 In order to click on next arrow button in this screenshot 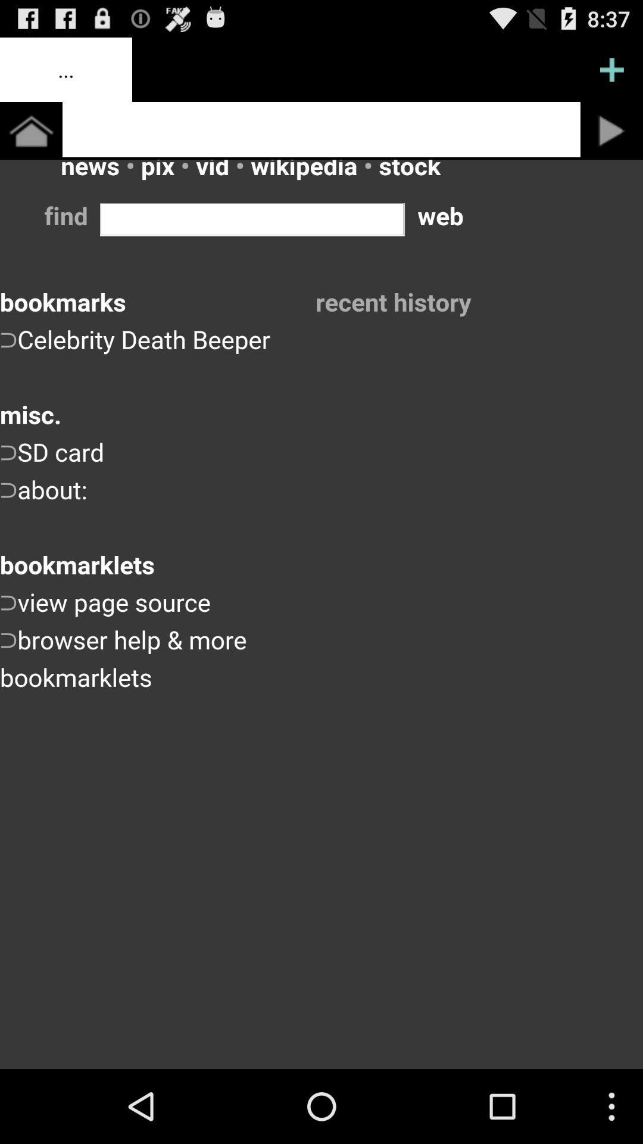, I will do `click(611, 130)`.